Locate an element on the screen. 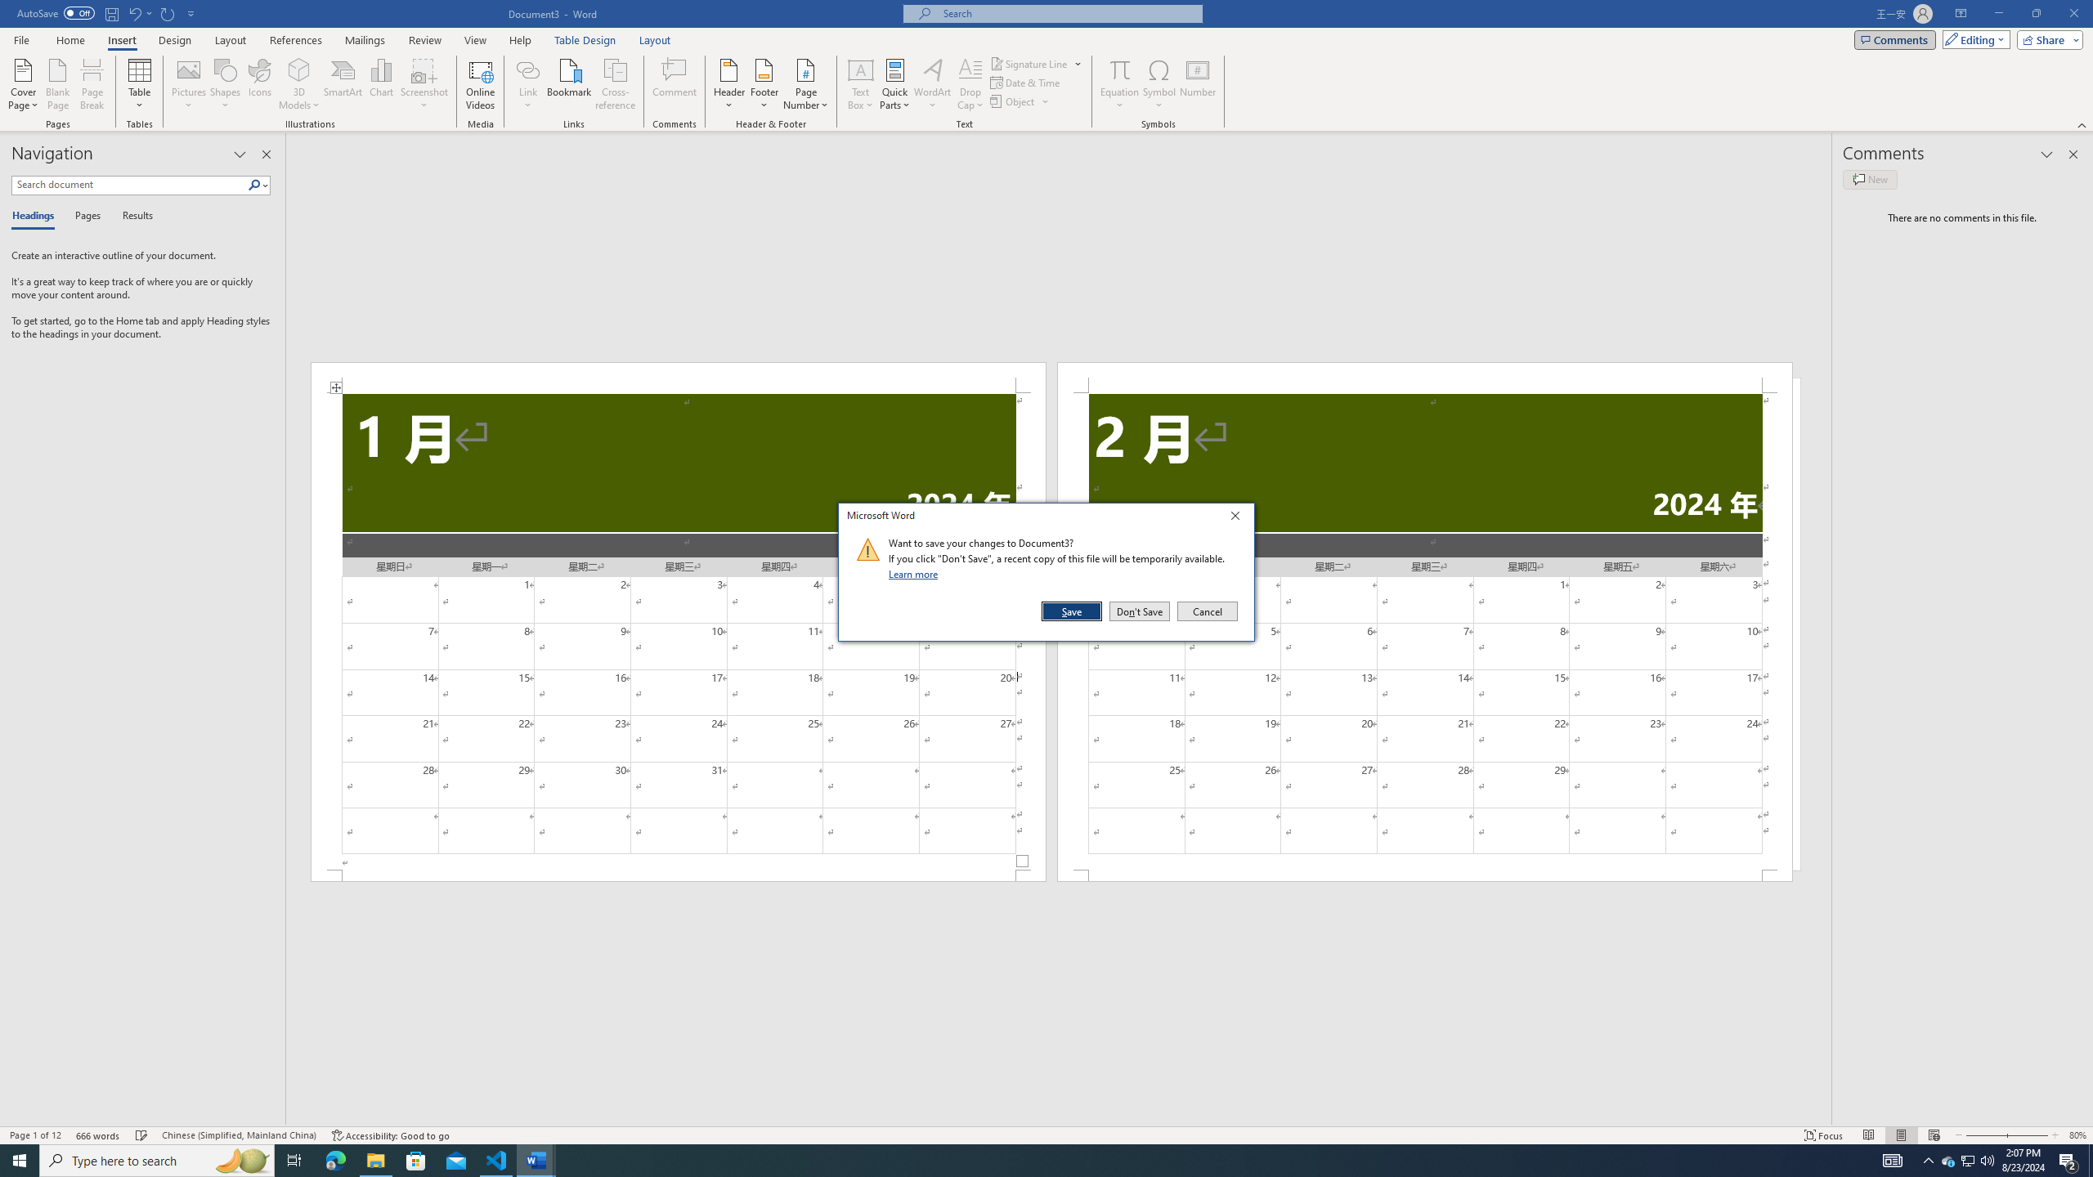 This screenshot has width=2093, height=1177. 'Object...' is located at coordinates (1020, 100).